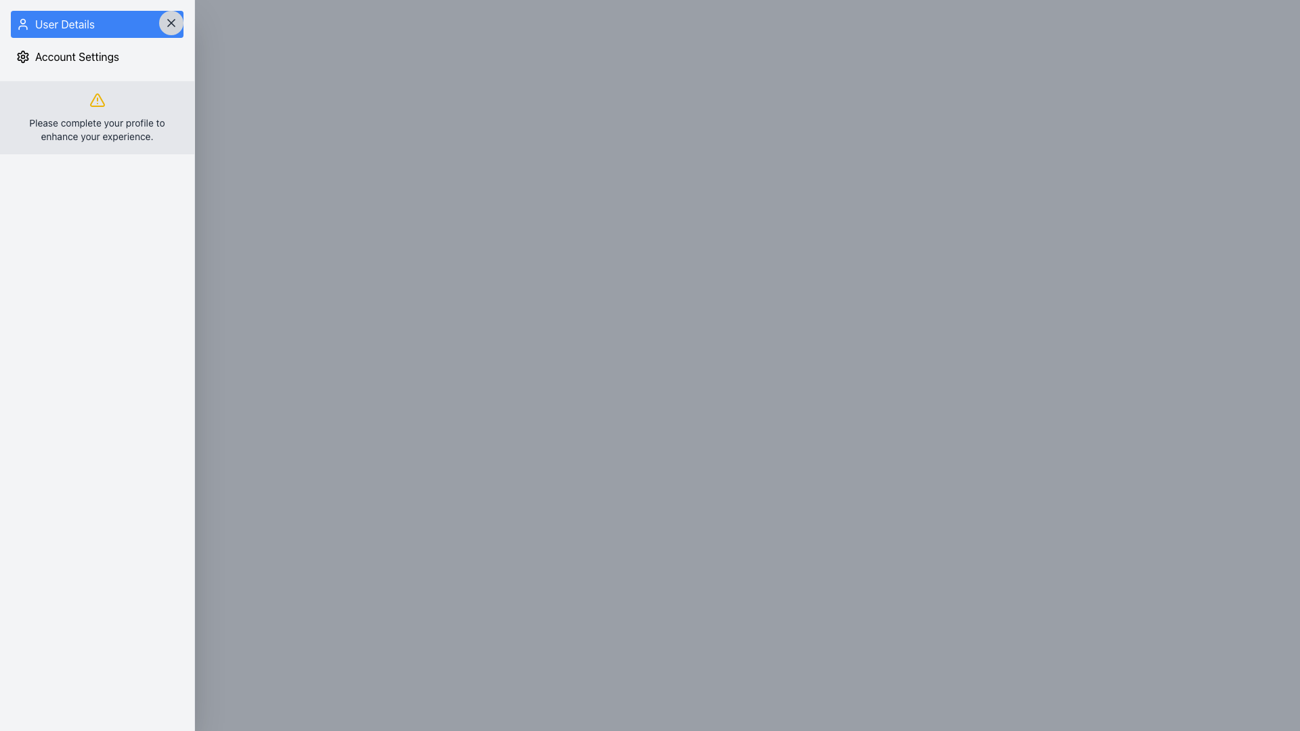 Image resolution: width=1300 pixels, height=731 pixels. Describe the element at coordinates (22, 24) in the screenshot. I see `the details or context of the user profile icon located in the header labeled 'User Details' at the top left corner of the interface` at that location.